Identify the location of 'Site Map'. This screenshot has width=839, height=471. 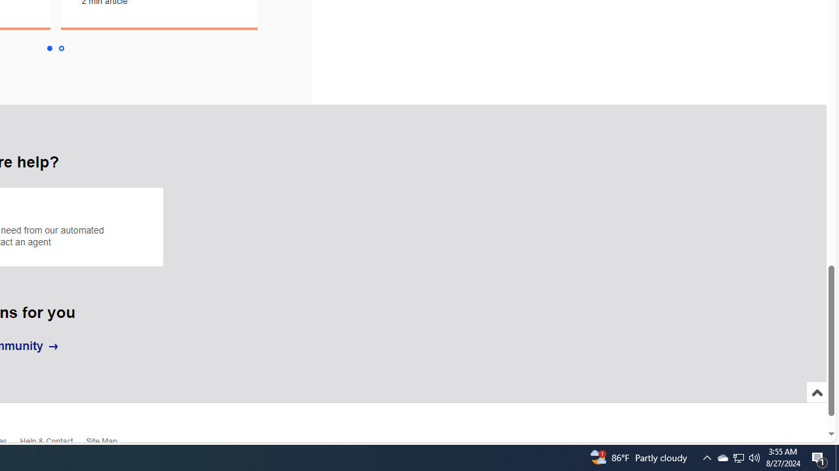
(107, 444).